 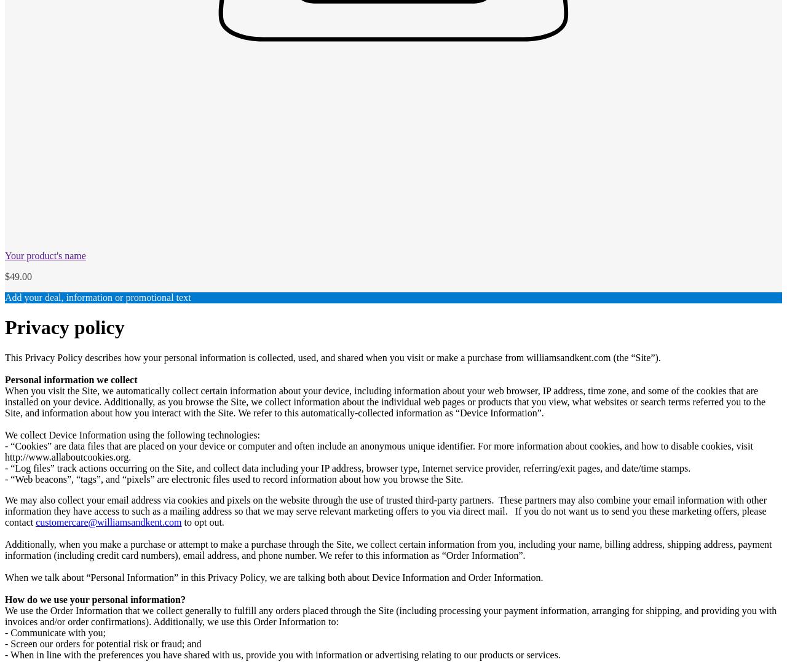 What do you see at coordinates (45, 255) in the screenshot?
I see `'Your product's name'` at bounding box center [45, 255].